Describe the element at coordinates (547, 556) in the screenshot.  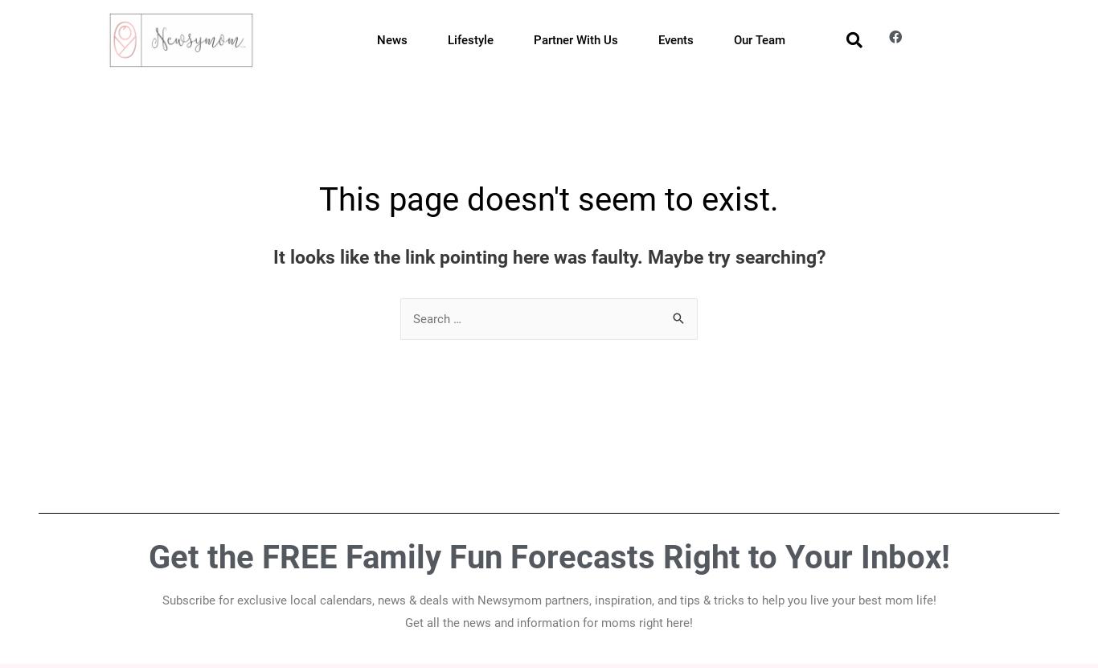
I see `'Get the FREE Family Fun Forecasts Right to Your Inbox!'` at that location.